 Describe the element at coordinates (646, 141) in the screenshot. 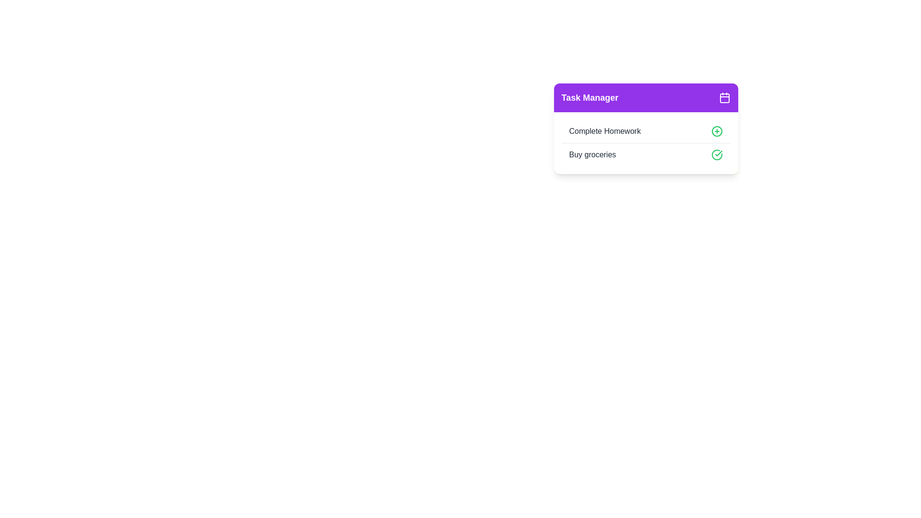

I see `the tasks within the 'Task Manager' card, which has a white background and purple header` at that location.